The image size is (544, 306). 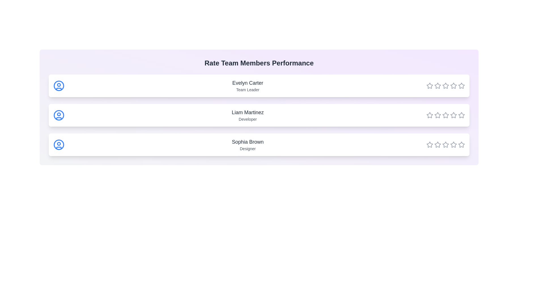 What do you see at coordinates (248, 83) in the screenshot?
I see `the name of the team member Evelyn Carter to select or highlight it` at bounding box center [248, 83].